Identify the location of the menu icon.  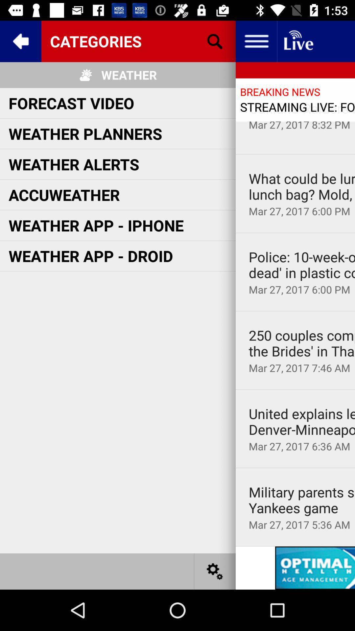
(256, 41).